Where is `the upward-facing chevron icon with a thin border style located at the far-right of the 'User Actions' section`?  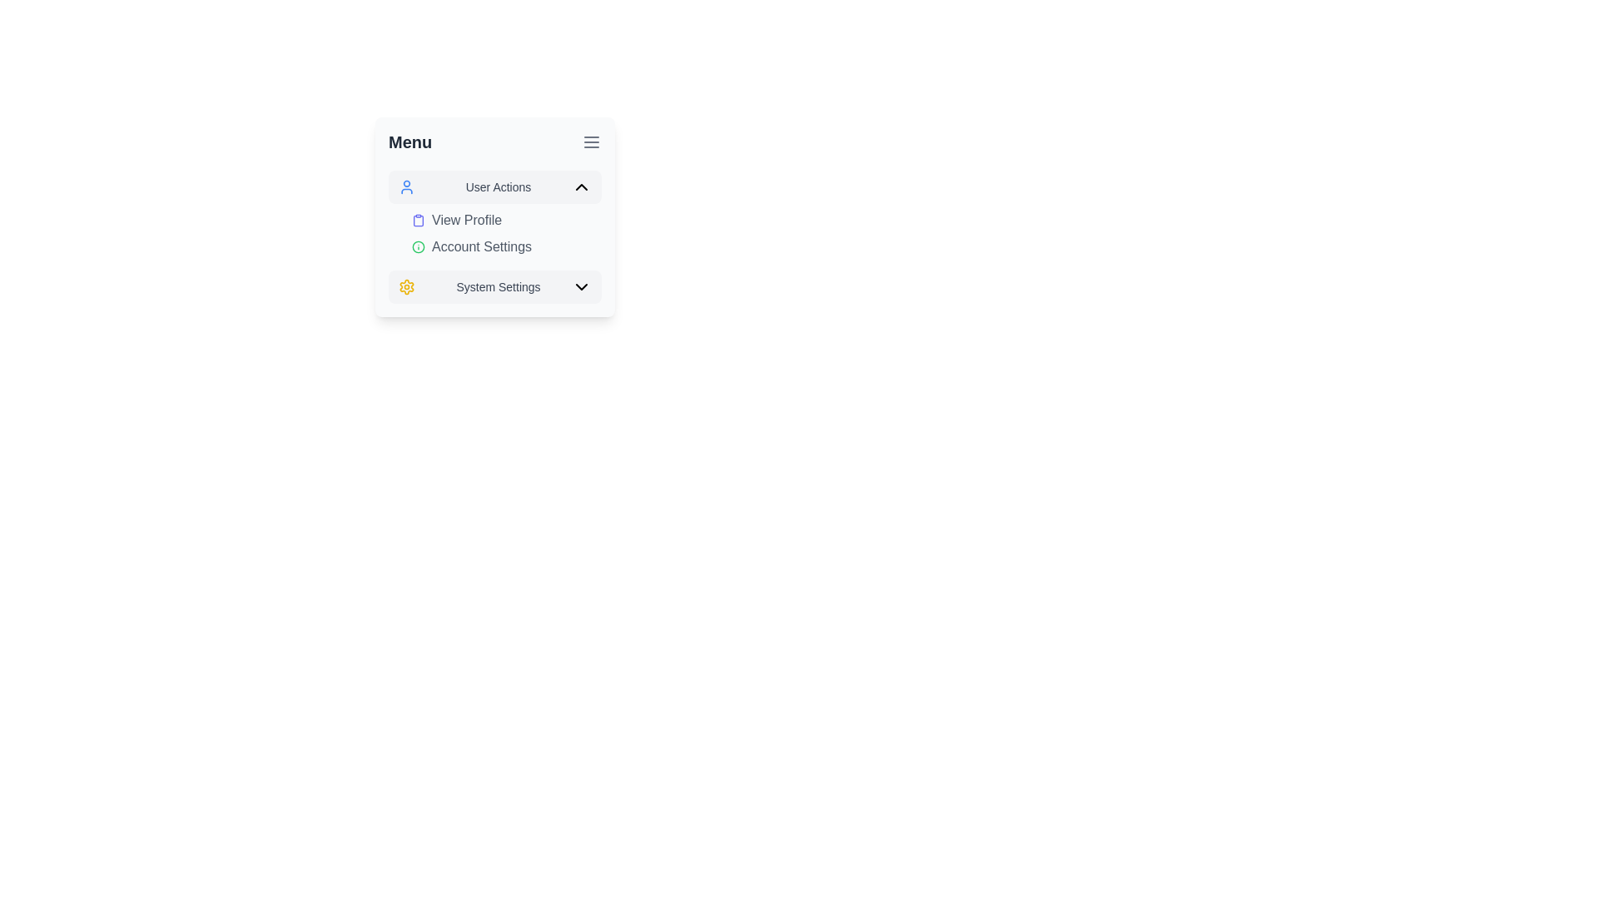
the upward-facing chevron icon with a thin border style located at the far-right of the 'User Actions' section is located at coordinates (582, 186).